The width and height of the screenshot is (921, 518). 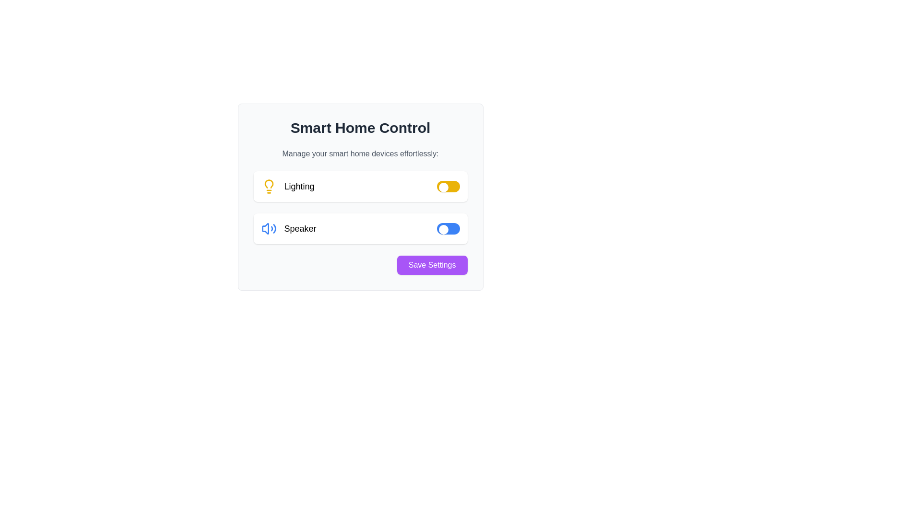 I want to click on the speaker icon, which is a compact representation of a speaker cone with sound waves, positioned as the leftmost element in the Smart Home Control interface, so click(x=265, y=229).